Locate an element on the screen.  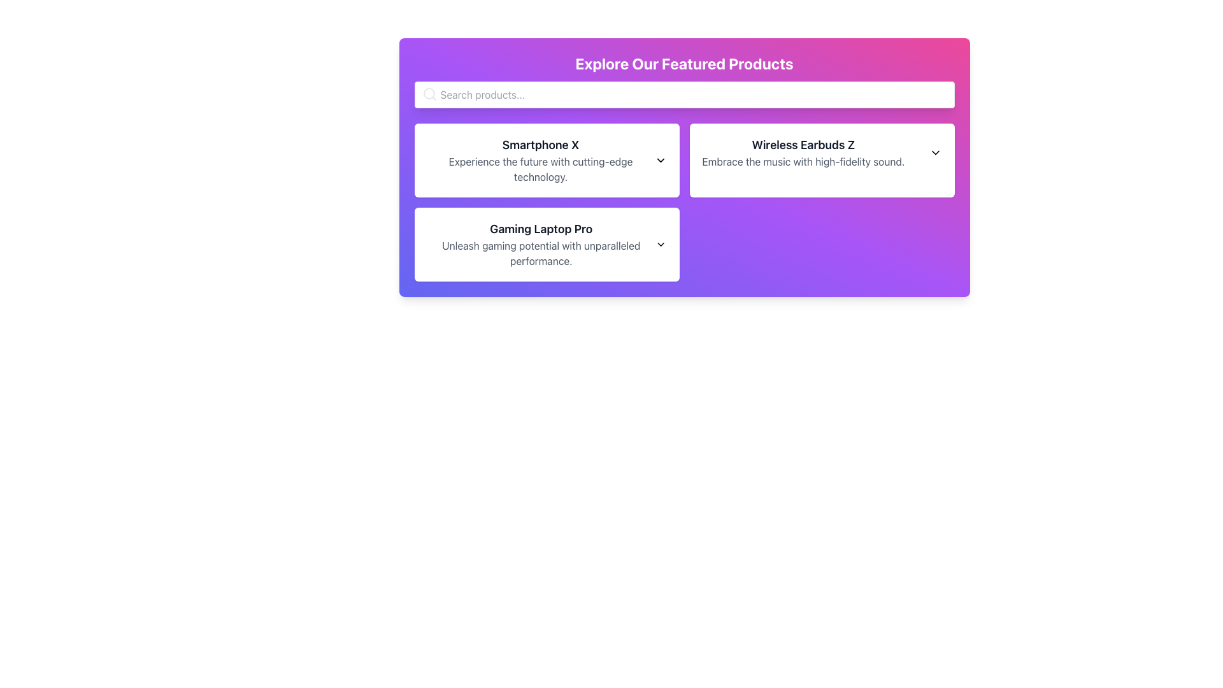
the Product selection item displaying 'Wireless Earbuds Z' is located at coordinates (822, 152).